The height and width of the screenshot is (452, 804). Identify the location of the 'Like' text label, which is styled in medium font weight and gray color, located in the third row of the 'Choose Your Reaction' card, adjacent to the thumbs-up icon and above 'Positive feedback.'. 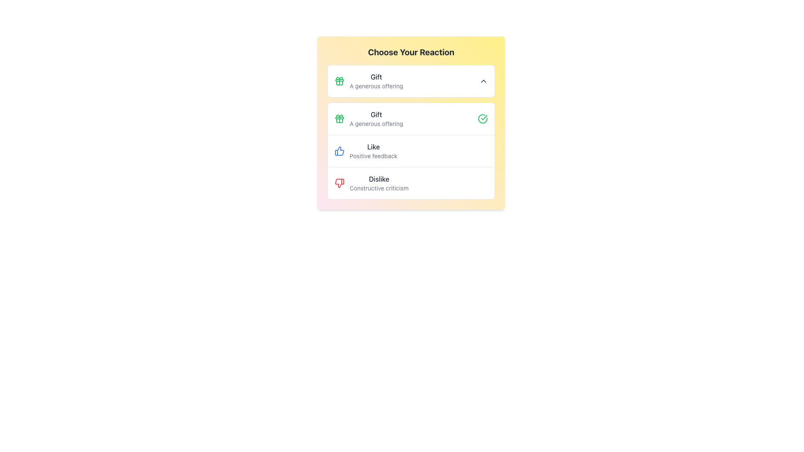
(373, 146).